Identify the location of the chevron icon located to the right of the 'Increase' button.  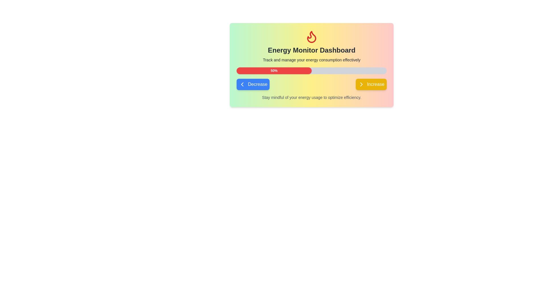
(361, 84).